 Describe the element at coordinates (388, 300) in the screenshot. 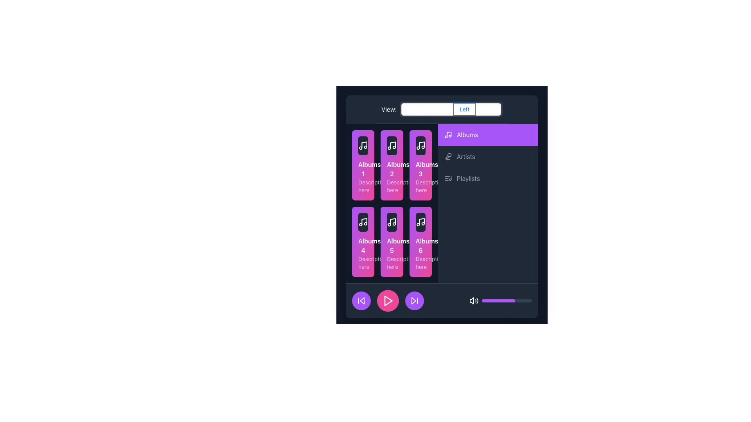

I see `the play button, which features a white outlined triangle SVG icon against a pink background, located centrally in the bottom control bar of the user interface` at that location.